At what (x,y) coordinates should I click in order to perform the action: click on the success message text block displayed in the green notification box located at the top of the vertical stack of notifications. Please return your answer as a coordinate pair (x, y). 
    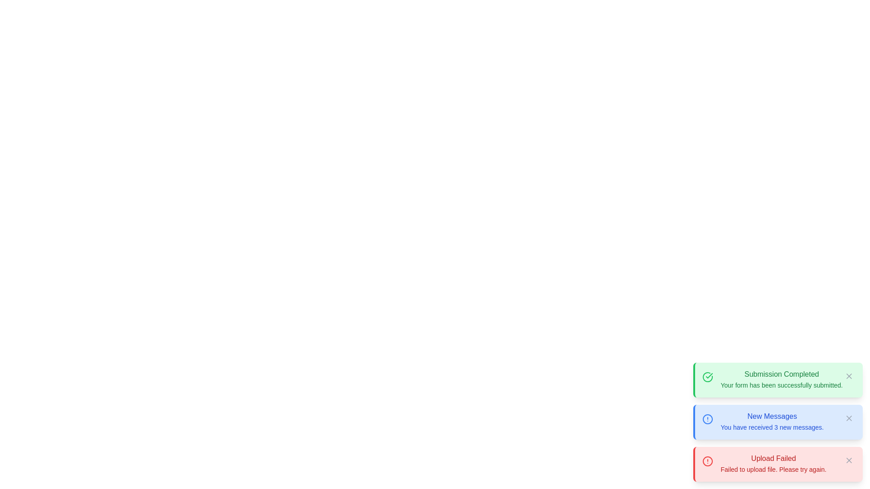
    Looking at the image, I should click on (781, 380).